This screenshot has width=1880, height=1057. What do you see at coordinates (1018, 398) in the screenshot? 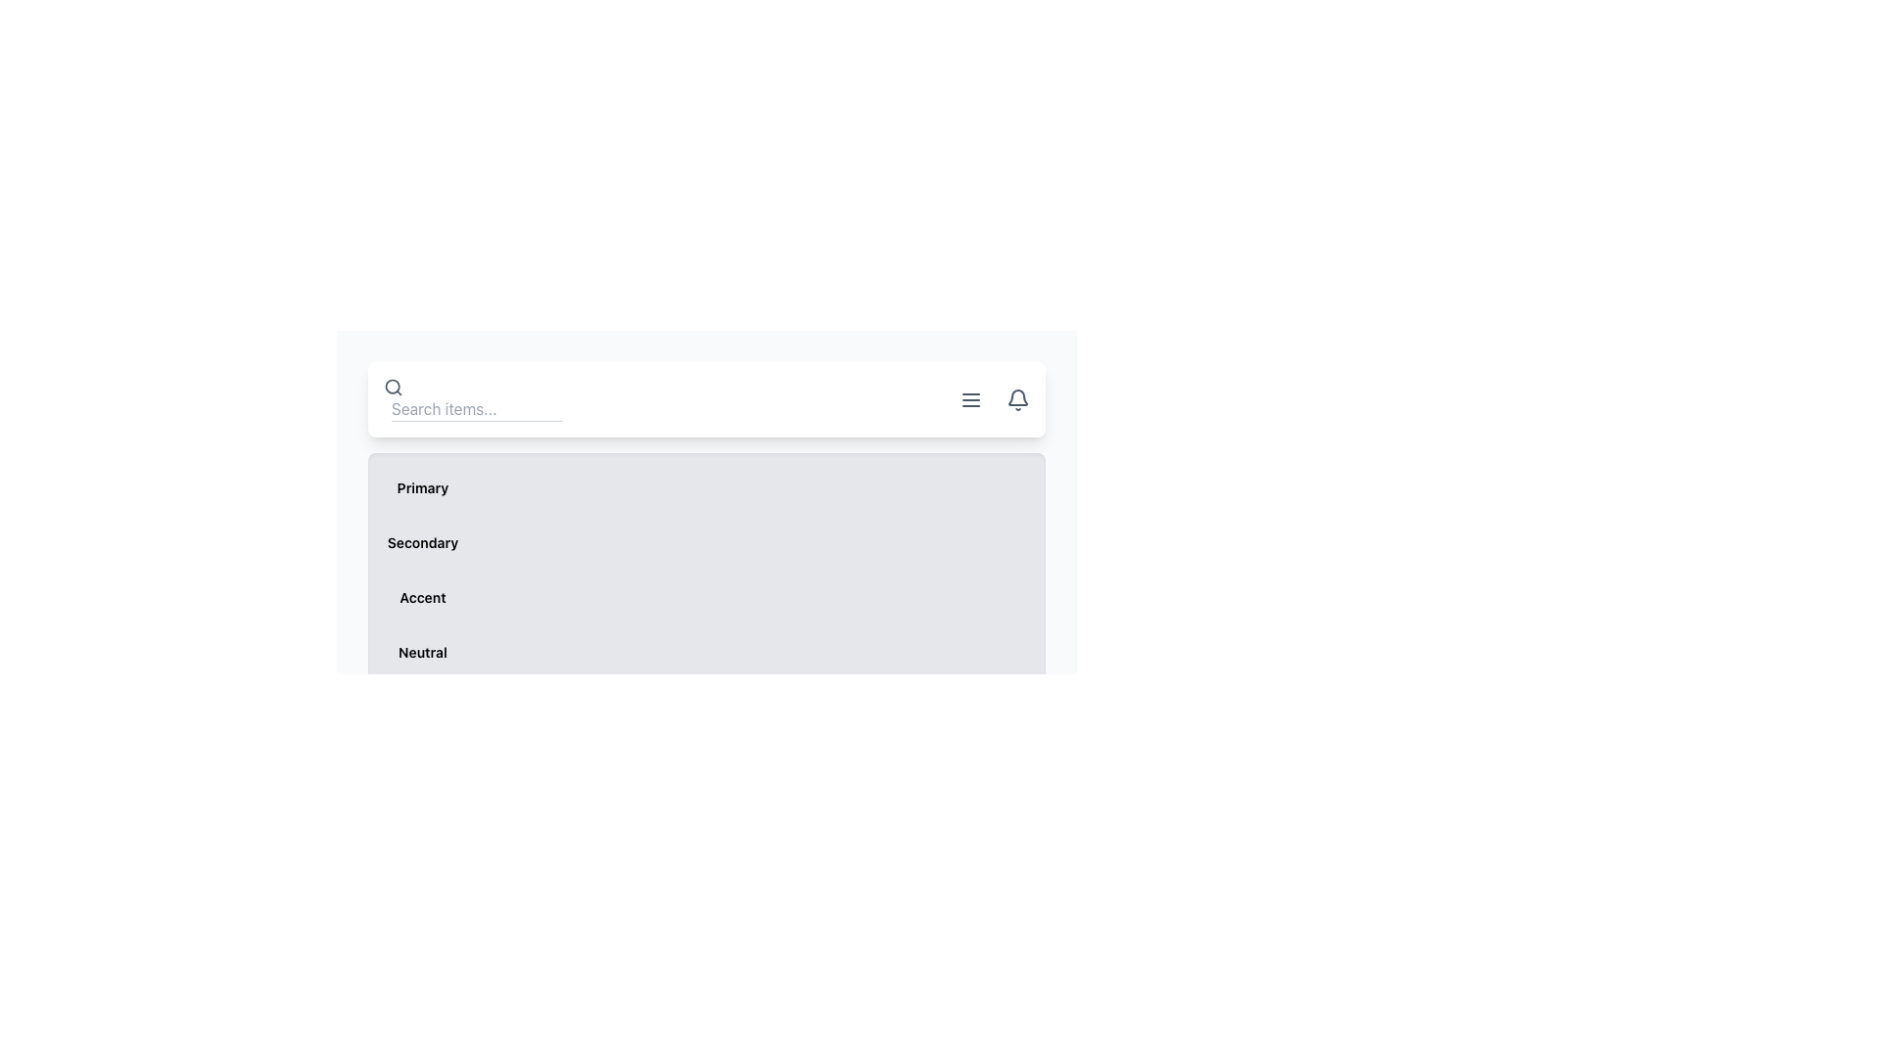
I see `the bell icon representing notifications` at bounding box center [1018, 398].